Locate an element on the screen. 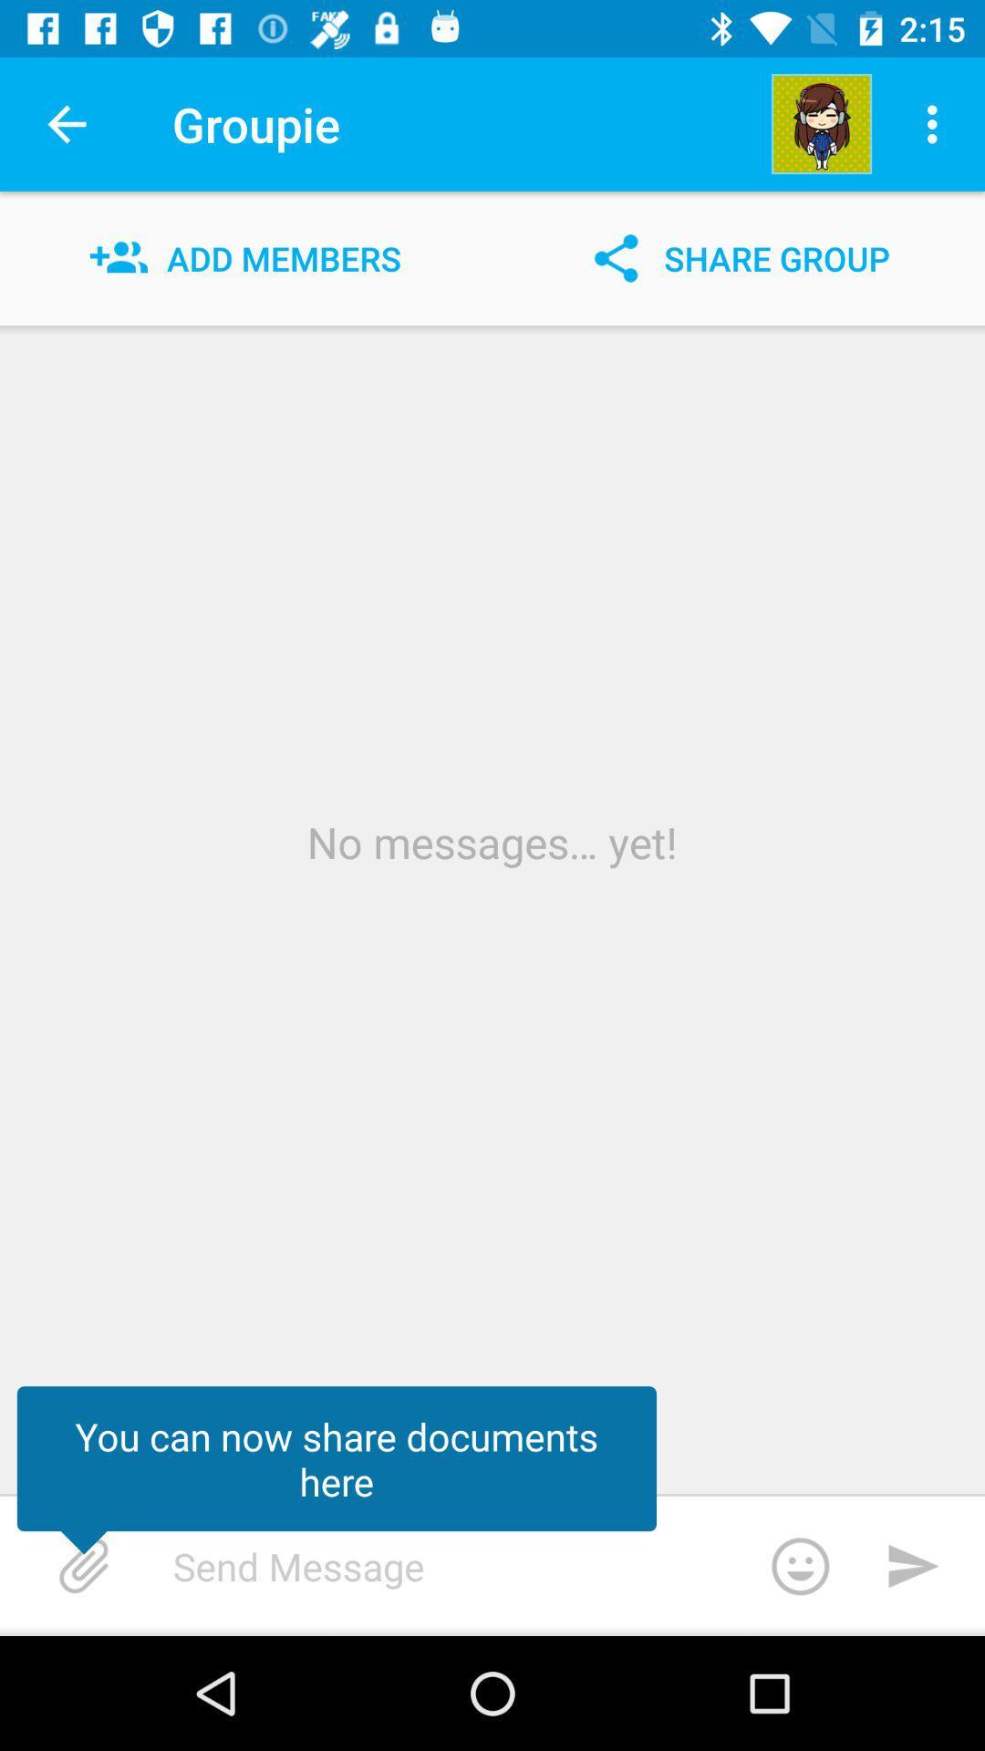 The image size is (985, 1751). type a message is located at coordinates (515, 1565).